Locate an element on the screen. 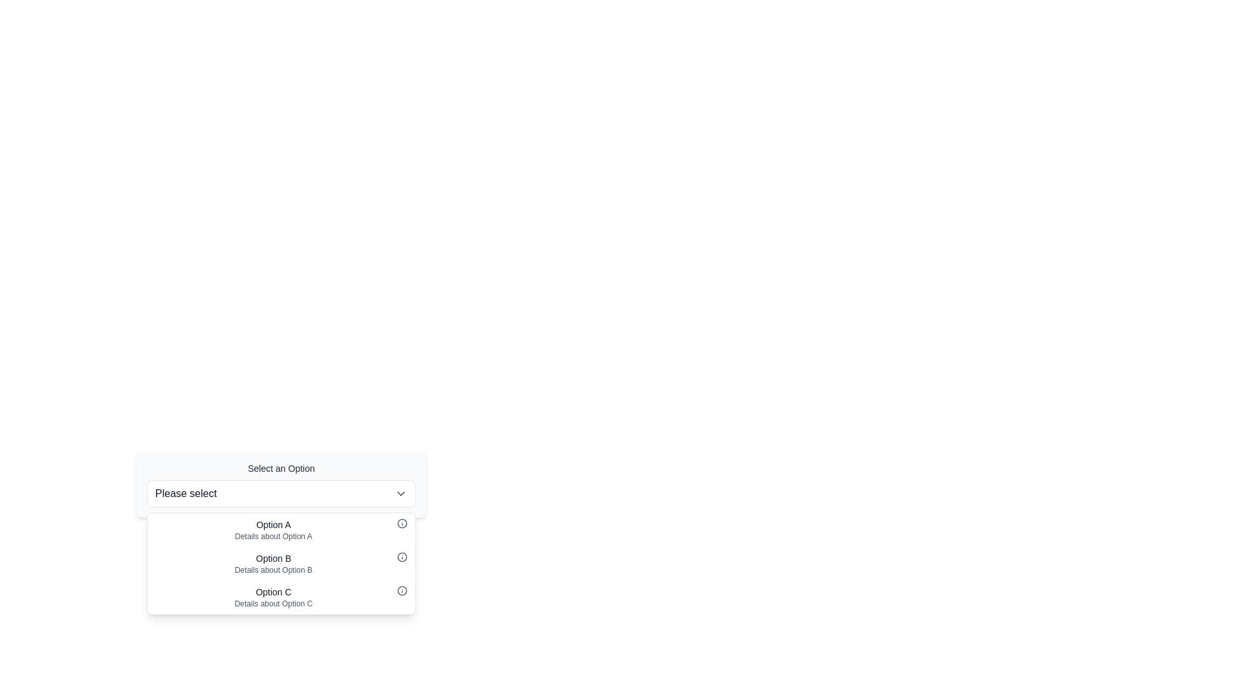 This screenshot has width=1242, height=699. the decorative SVG circle element positioned within the icon to the right of the text 'Option A' in the dropdown menu is located at coordinates (402, 523).